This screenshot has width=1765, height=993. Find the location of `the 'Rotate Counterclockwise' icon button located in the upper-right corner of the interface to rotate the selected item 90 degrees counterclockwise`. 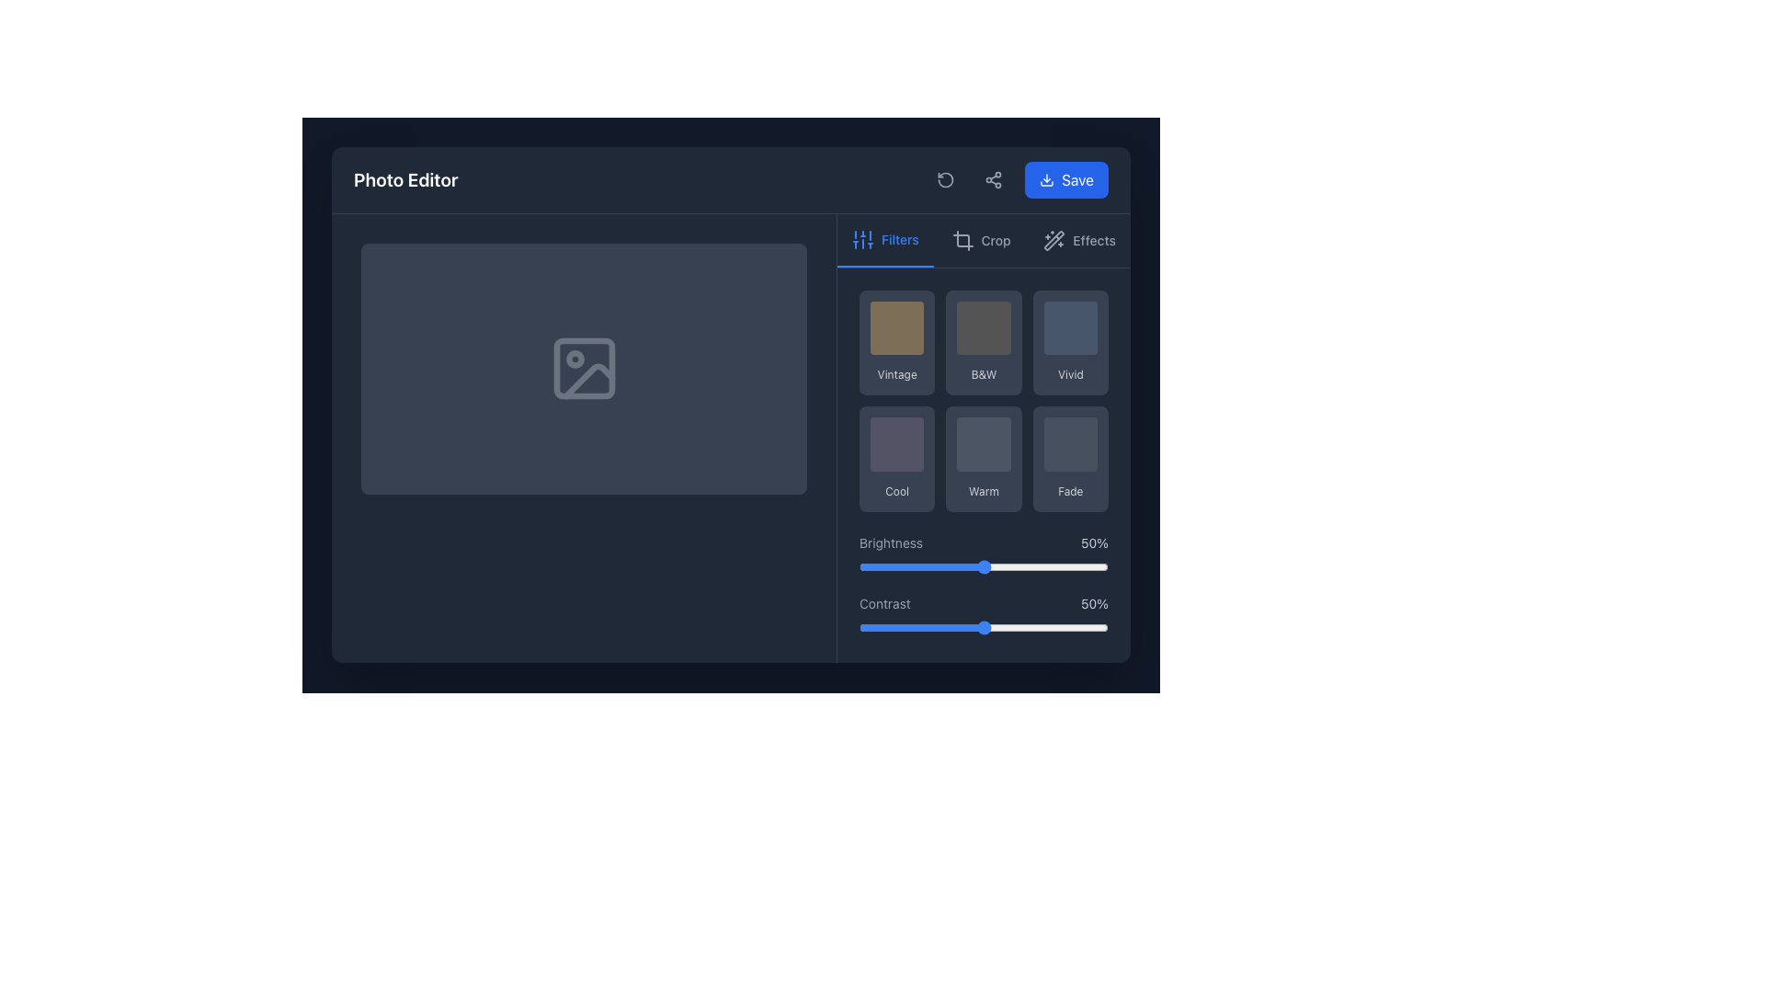

the 'Rotate Counterclockwise' icon button located in the upper-right corner of the interface to rotate the selected item 90 degrees counterclockwise is located at coordinates (946, 180).